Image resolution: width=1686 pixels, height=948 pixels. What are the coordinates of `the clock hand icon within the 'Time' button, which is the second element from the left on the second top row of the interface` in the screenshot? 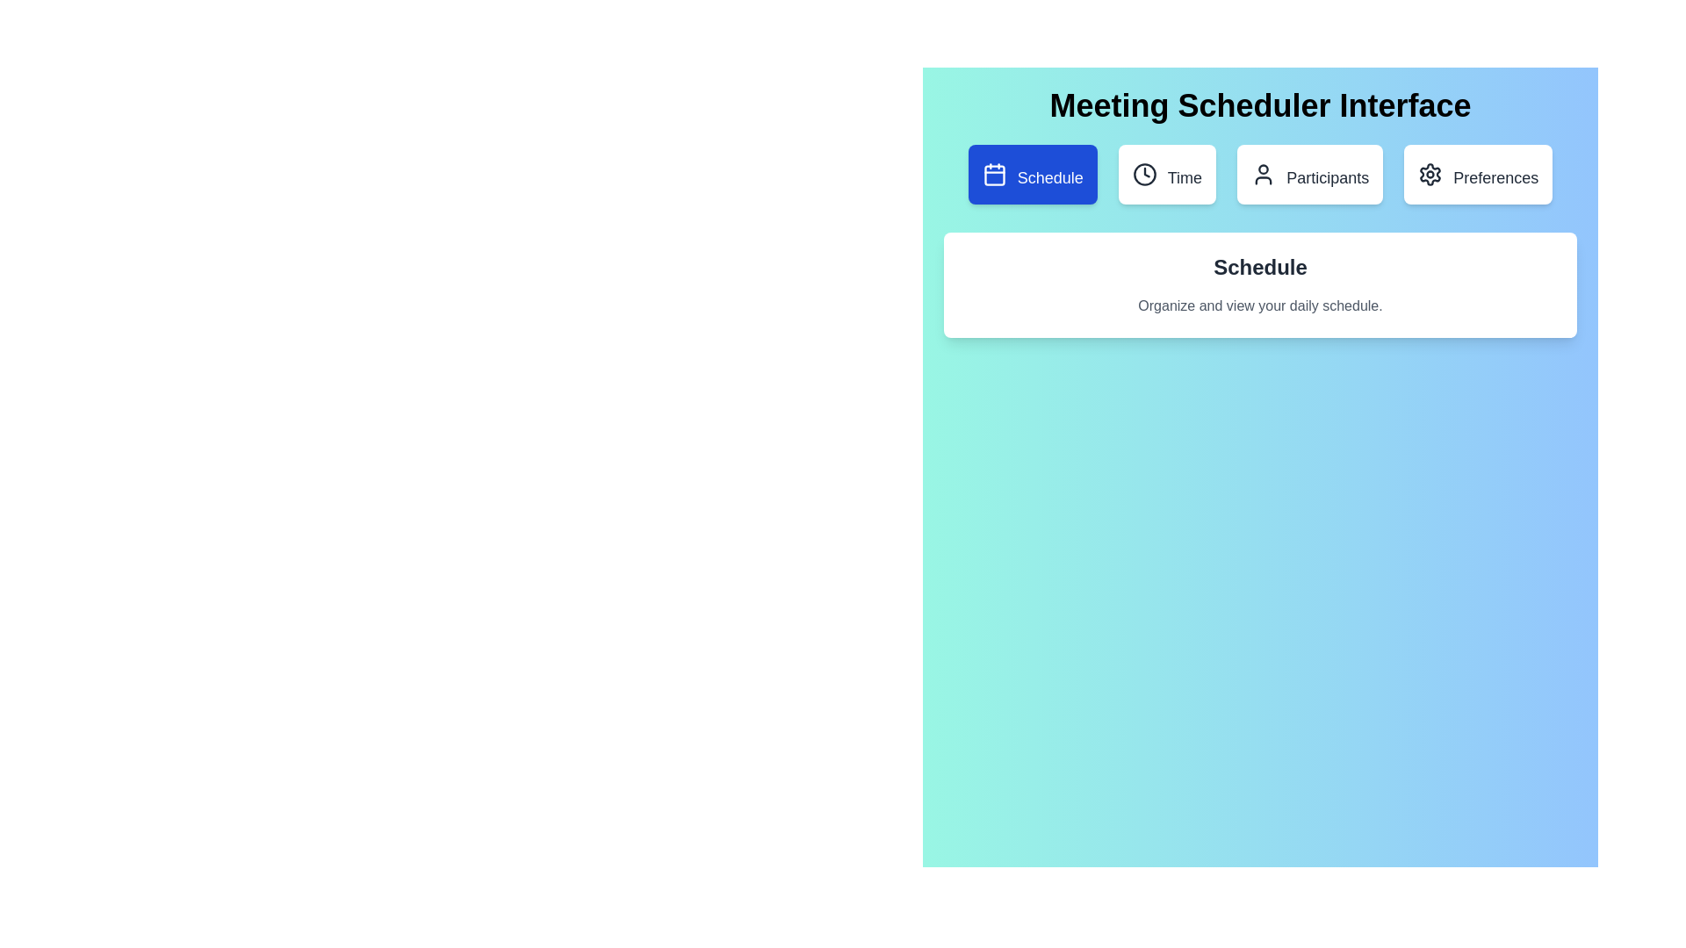 It's located at (1147, 172).